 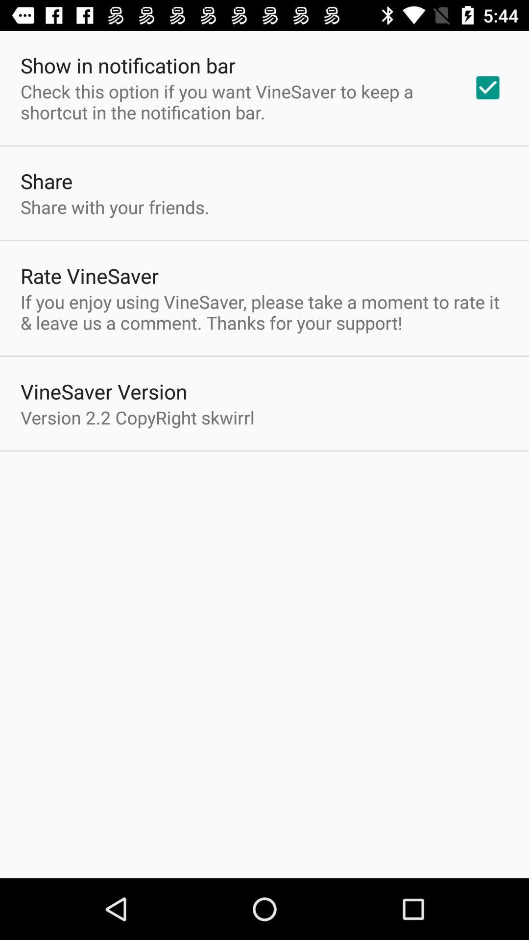 What do you see at coordinates (234, 102) in the screenshot?
I see `the check this option app` at bounding box center [234, 102].